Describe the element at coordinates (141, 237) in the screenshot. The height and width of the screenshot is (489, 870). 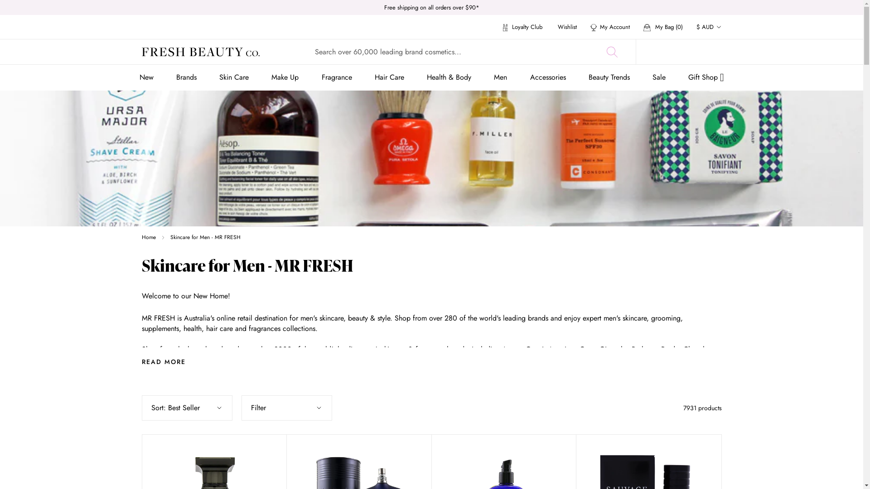
I see `'Home'` at that location.